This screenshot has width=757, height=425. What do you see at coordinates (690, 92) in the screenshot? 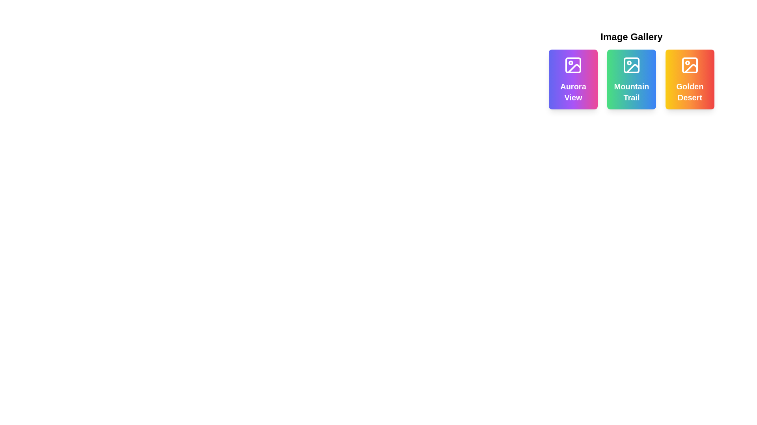
I see `the 'Golden Desert' text label, which is bold and centered below the icon in the third card of three cards labeled 'Aurora View', 'Mountain Trail', and 'Golden Desert'` at bounding box center [690, 92].